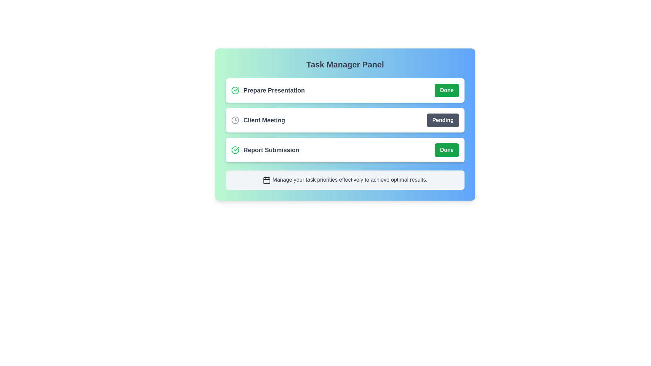  I want to click on the button labeled Pending to observe its hover effect, so click(442, 120).